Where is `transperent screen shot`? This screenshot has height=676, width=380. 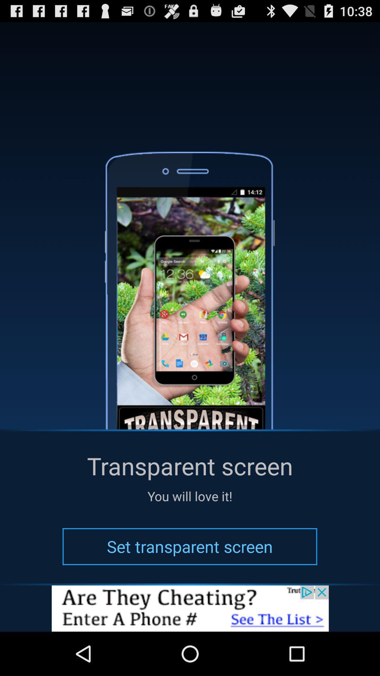 transperent screen shot is located at coordinates (190, 608).